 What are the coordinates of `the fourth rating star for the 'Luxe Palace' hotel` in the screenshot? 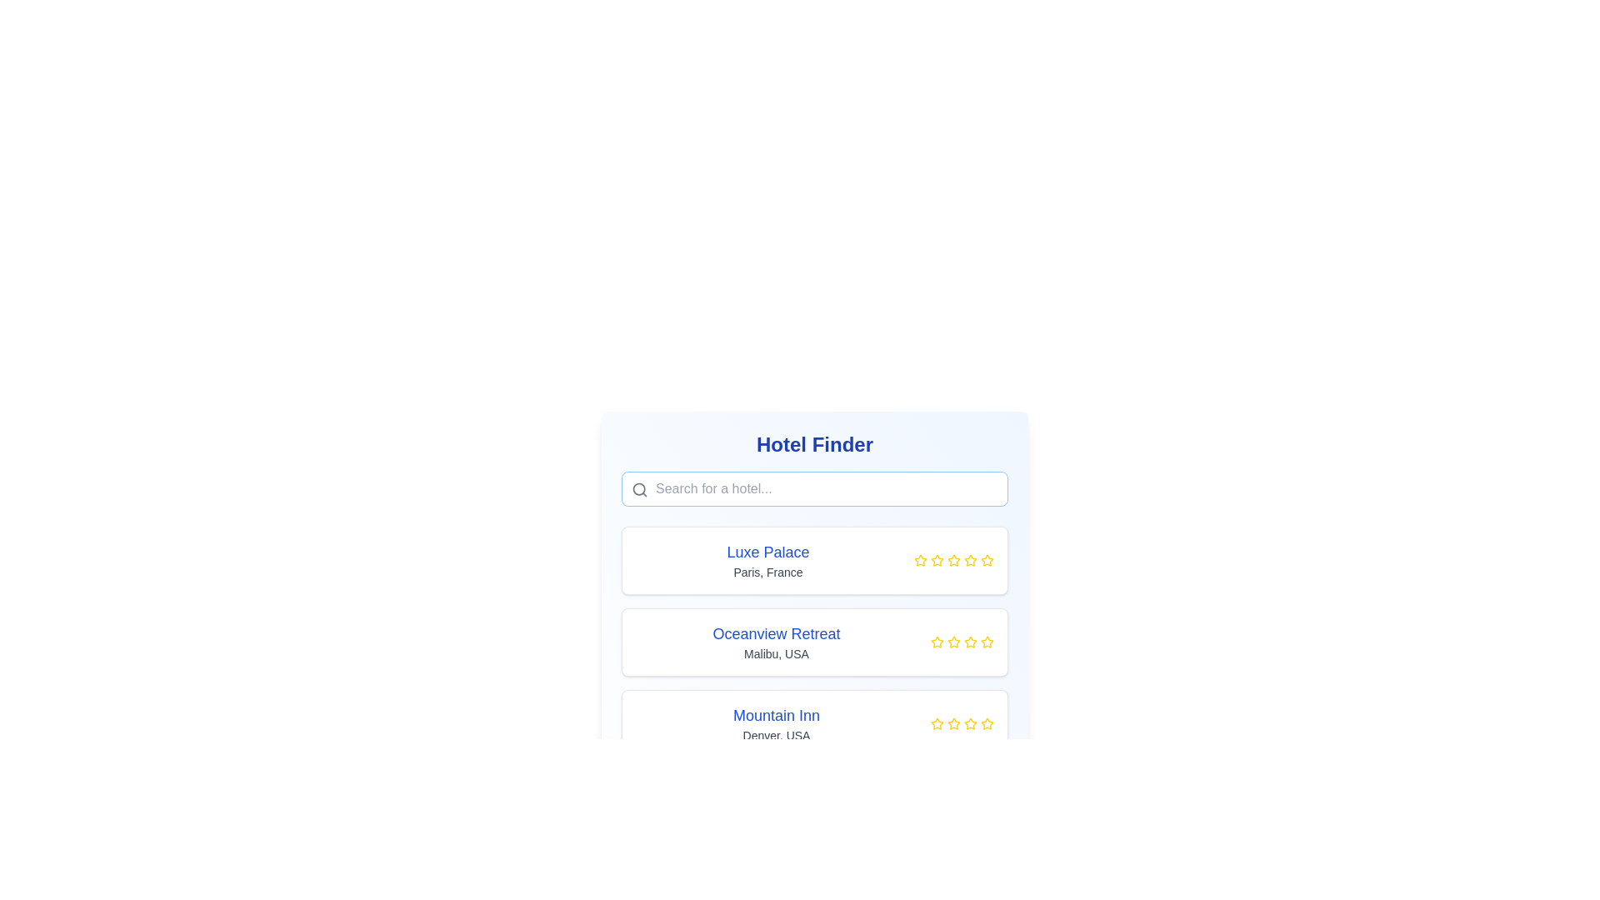 It's located at (954, 560).